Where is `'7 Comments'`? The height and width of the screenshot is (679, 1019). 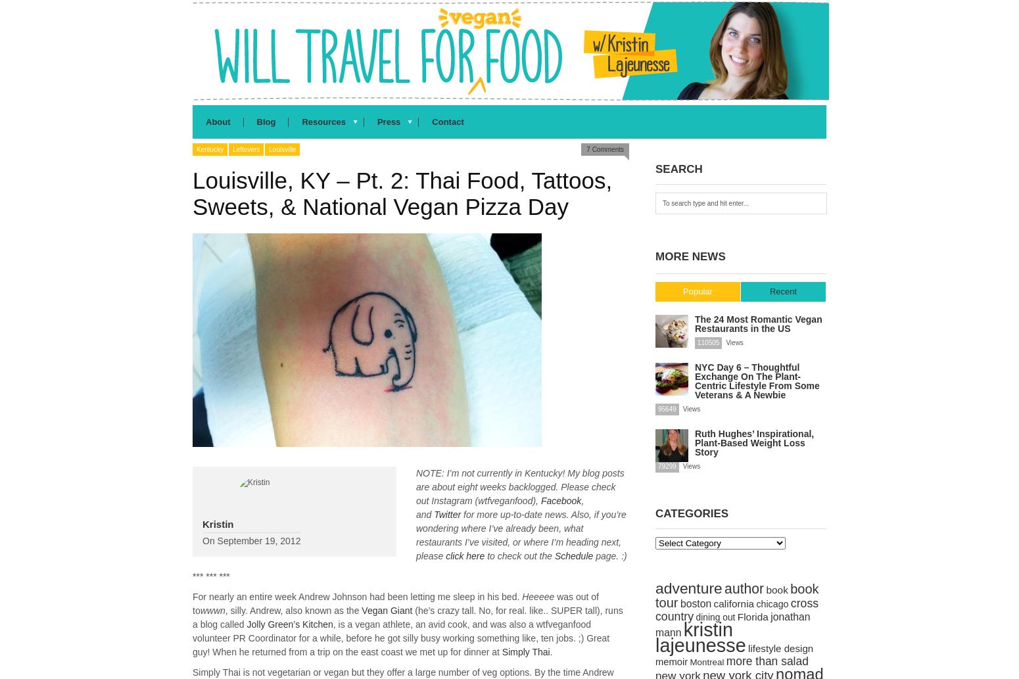
'7 Comments' is located at coordinates (605, 149).